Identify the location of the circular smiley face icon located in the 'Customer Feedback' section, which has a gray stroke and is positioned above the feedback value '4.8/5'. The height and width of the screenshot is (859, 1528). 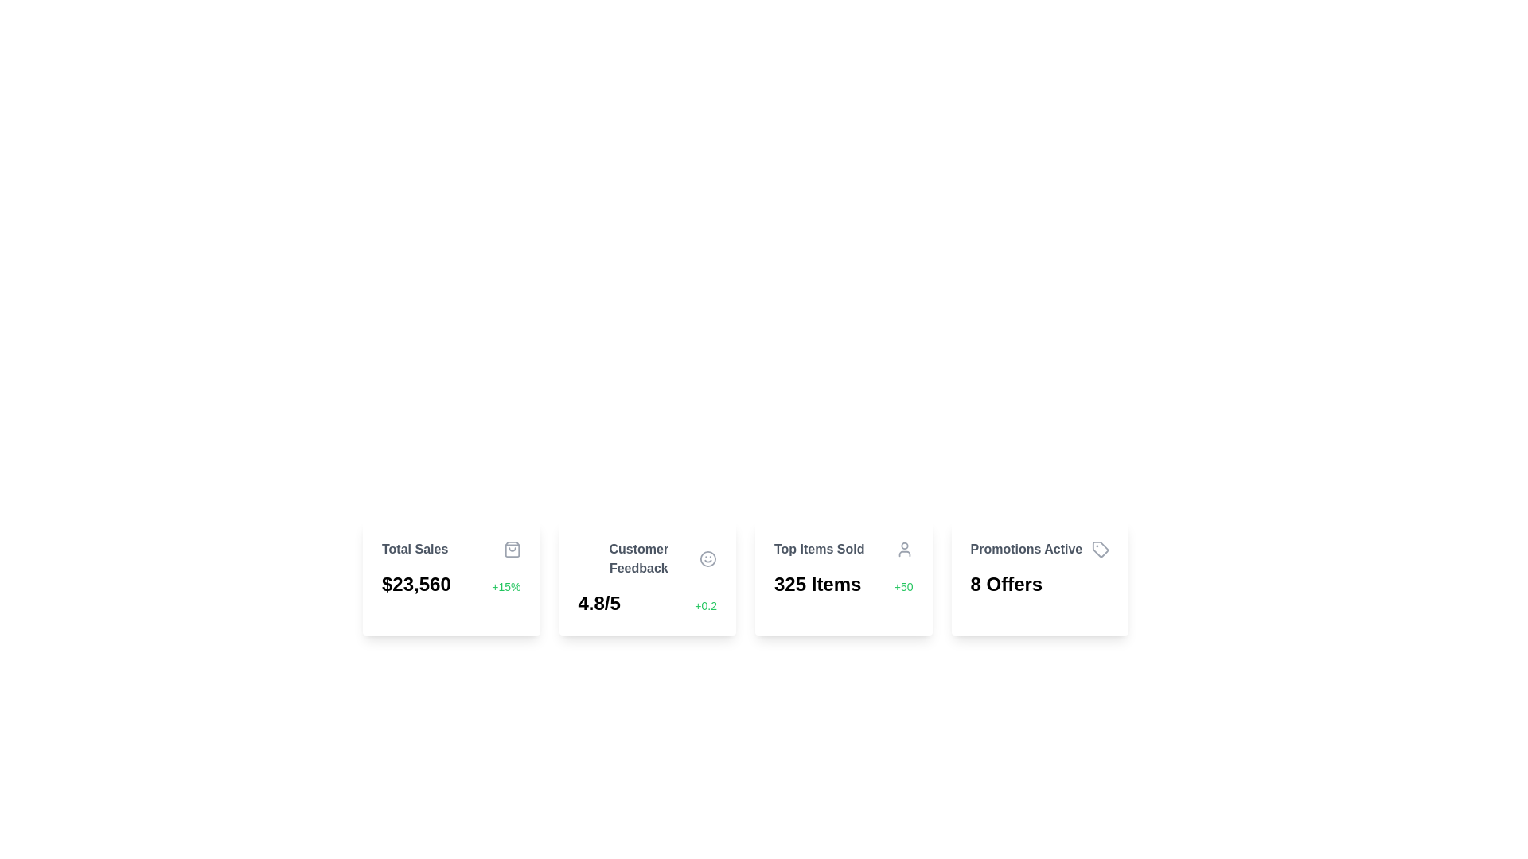
(707, 558).